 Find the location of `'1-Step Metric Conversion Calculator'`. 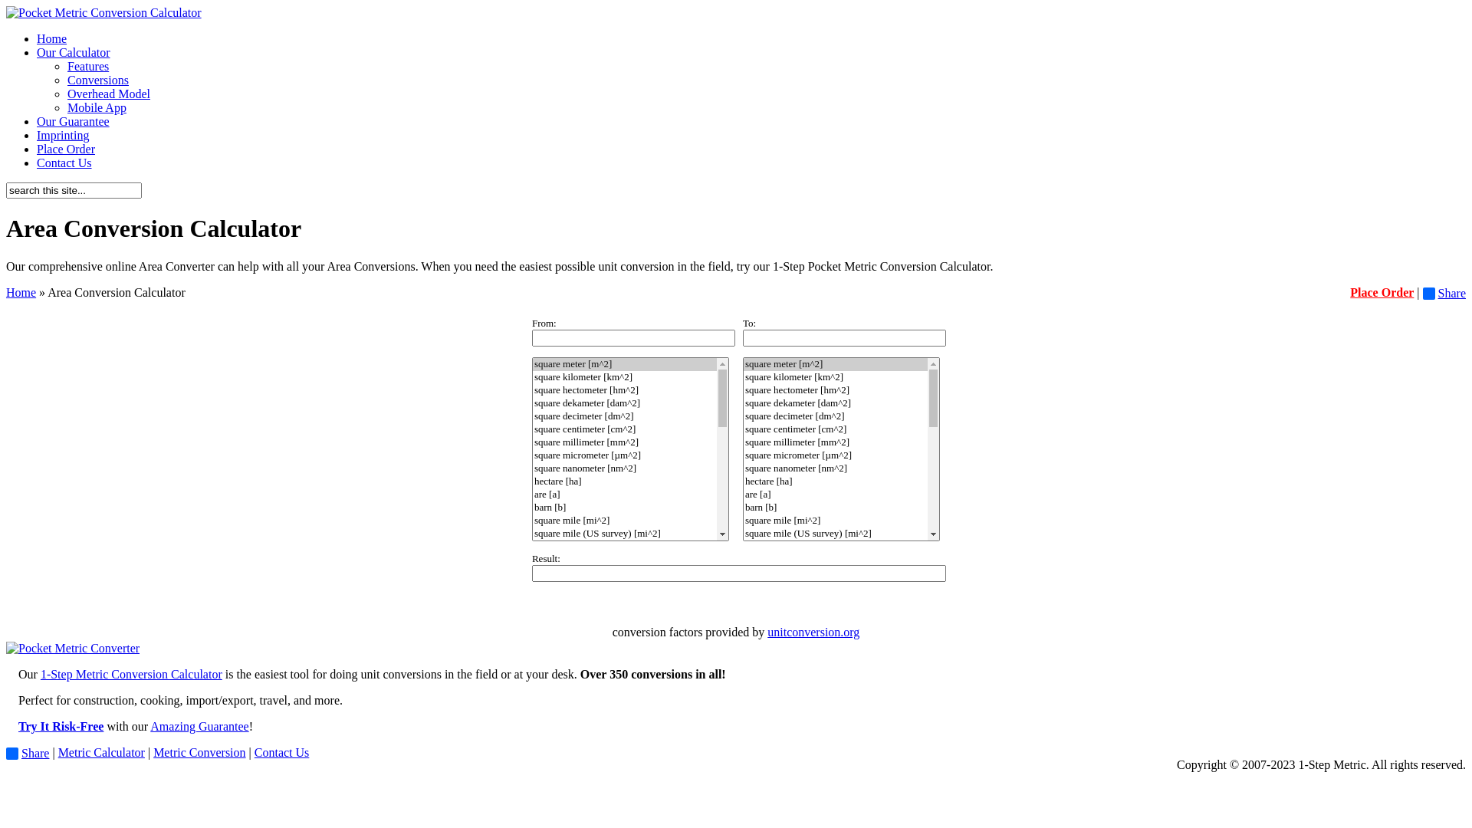

'1-Step Metric Conversion Calculator' is located at coordinates (40, 673).